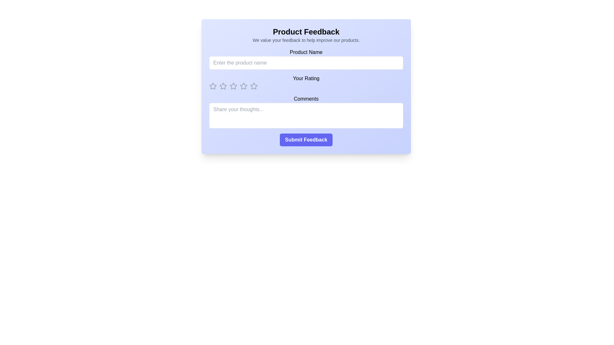  What do you see at coordinates (233, 86) in the screenshot?
I see `the fourth rating star in the rating system, which is positioned between the third and fifth stars below the 'Your Rating' label` at bounding box center [233, 86].